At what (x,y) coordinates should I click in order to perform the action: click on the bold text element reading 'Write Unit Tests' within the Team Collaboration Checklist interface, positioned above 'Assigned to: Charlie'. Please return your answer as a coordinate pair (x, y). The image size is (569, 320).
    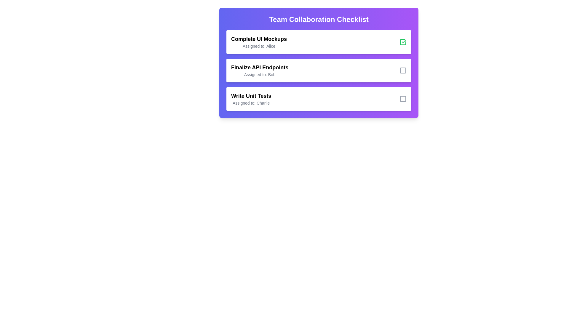
    Looking at the image, I should click on (251, 96).